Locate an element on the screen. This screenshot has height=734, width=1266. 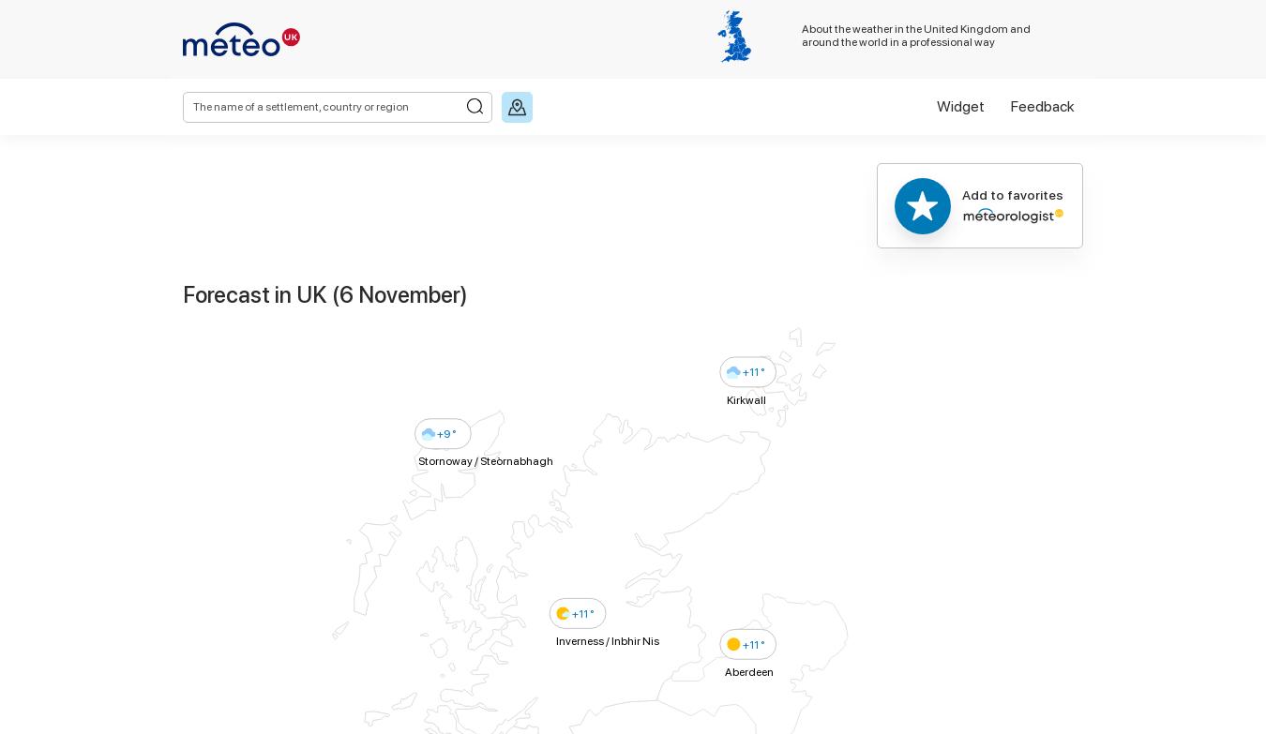
'Aberdeen' is located at coordinates (749, 669).